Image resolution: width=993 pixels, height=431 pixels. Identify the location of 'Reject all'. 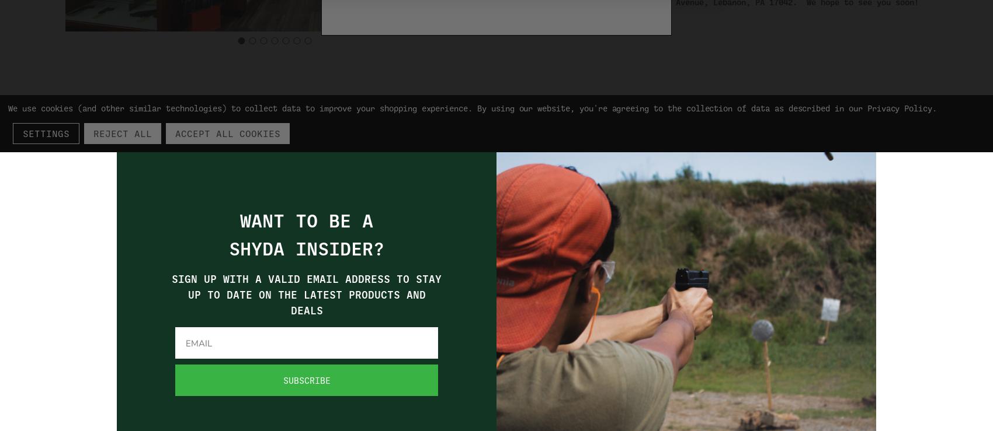
(121, 132).